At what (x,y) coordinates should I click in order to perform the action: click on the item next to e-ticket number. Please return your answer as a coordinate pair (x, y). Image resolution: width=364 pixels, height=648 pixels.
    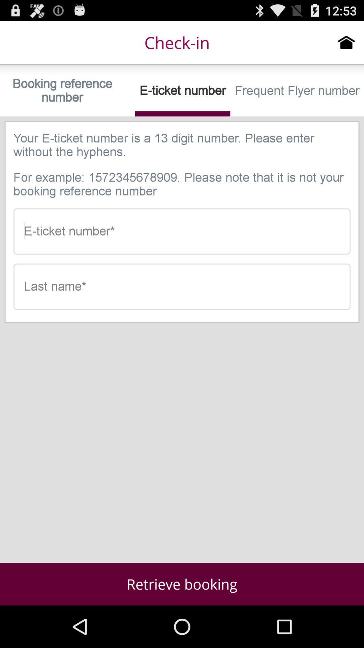
    Looking at the image, I should click on (297, 90).